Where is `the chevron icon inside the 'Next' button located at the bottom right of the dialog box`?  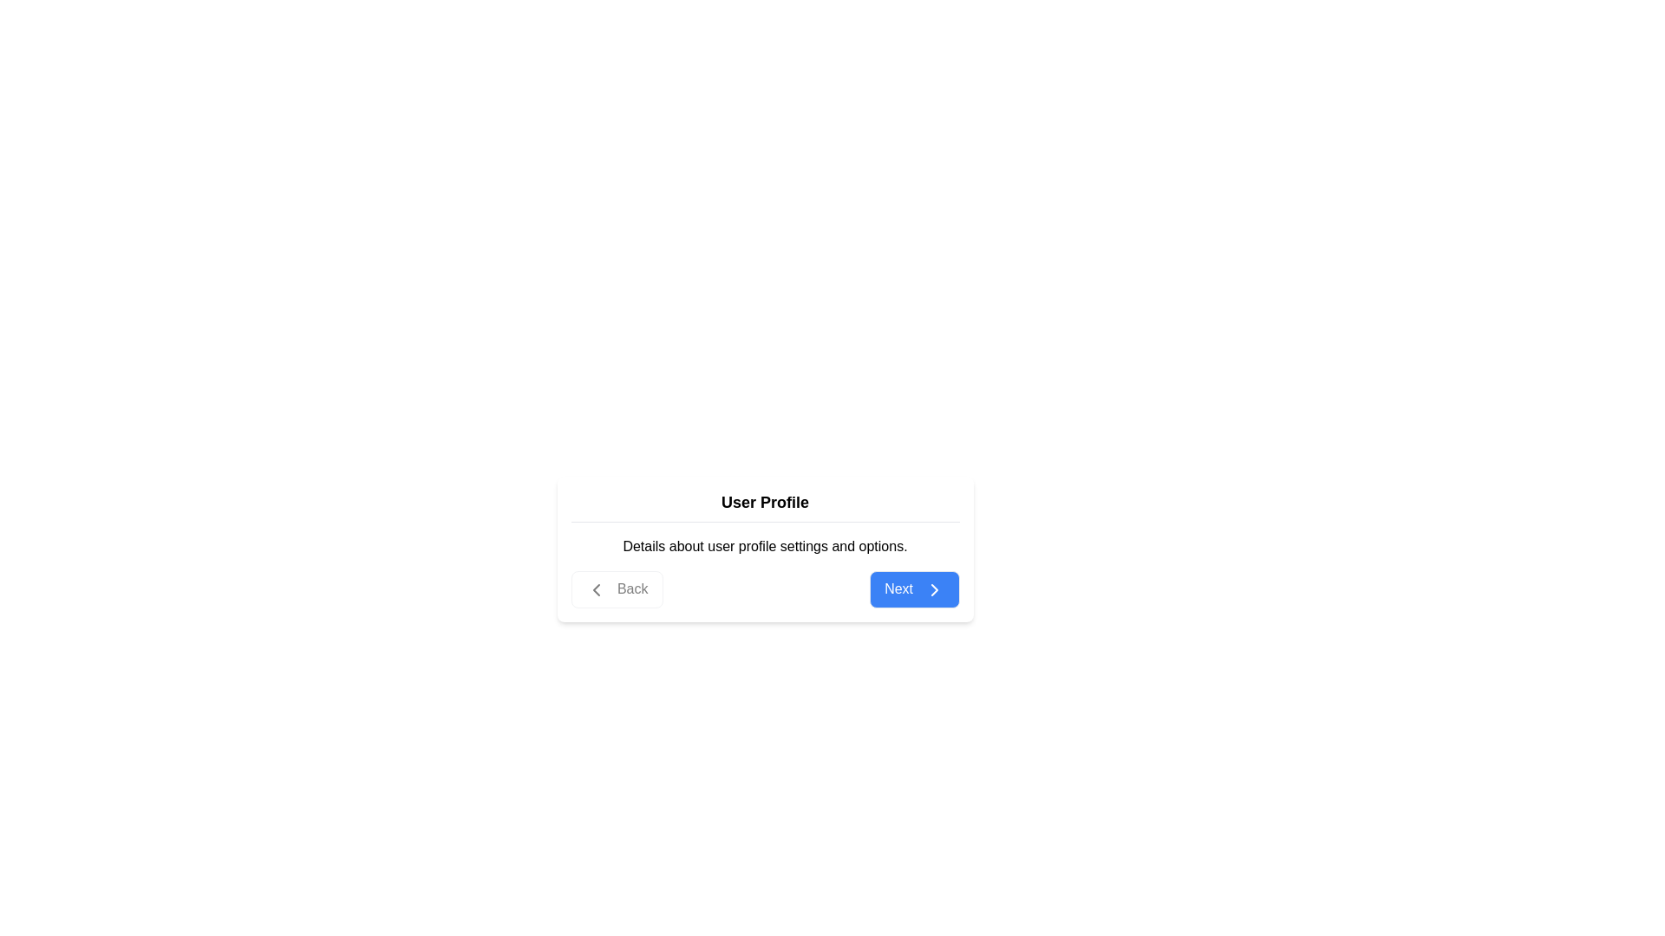 the chevron icon inside the 'Next' button located at the bottom right of the dialog box is located at coordinates (933, 588).